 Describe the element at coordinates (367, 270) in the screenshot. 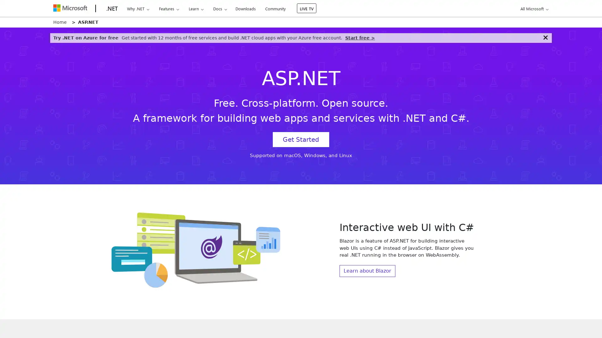

I see `Learn about Blazor` at that location.